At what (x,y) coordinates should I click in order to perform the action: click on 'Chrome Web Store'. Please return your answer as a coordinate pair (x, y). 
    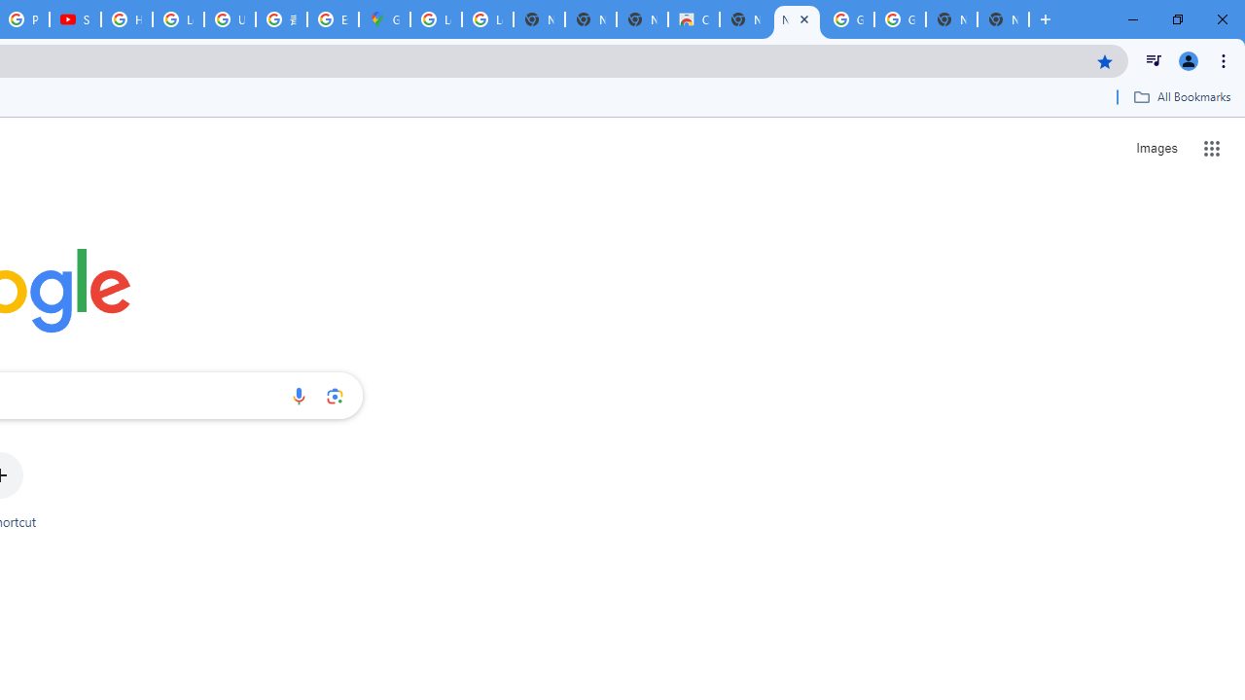
    Looking at the image, I should click on (694, 19).